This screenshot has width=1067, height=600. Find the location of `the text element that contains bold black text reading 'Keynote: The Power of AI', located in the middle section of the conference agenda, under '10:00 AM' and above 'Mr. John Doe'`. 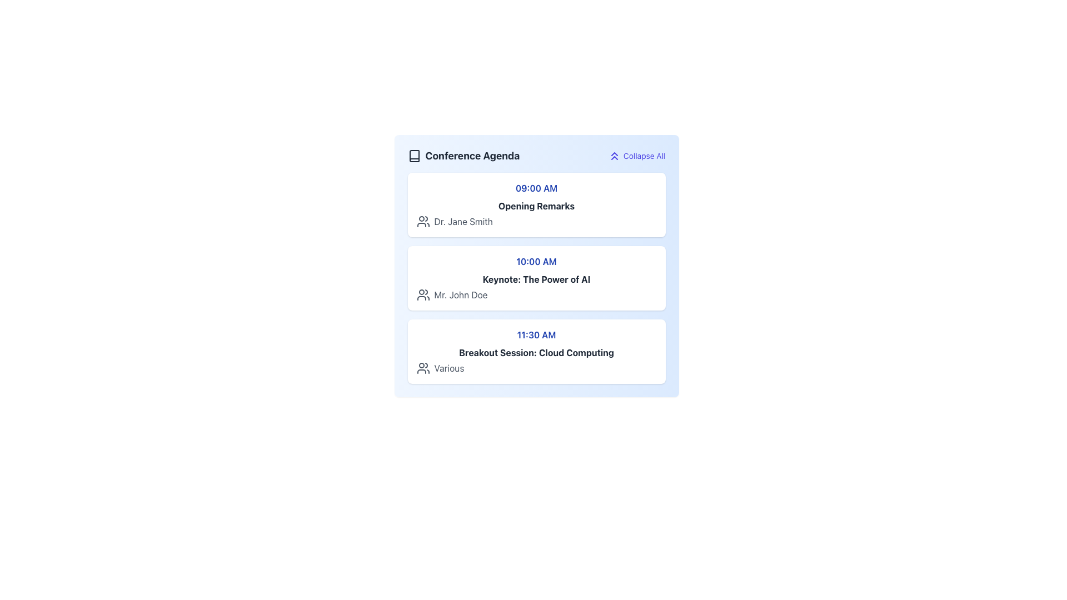

the text element that contains bold black text reading 'Keynote: The Power of AI', located in the middle section of the conference agenda, under '10:00 AM' and above 'Mr. John Doe' is located at coordinates (536, 278).